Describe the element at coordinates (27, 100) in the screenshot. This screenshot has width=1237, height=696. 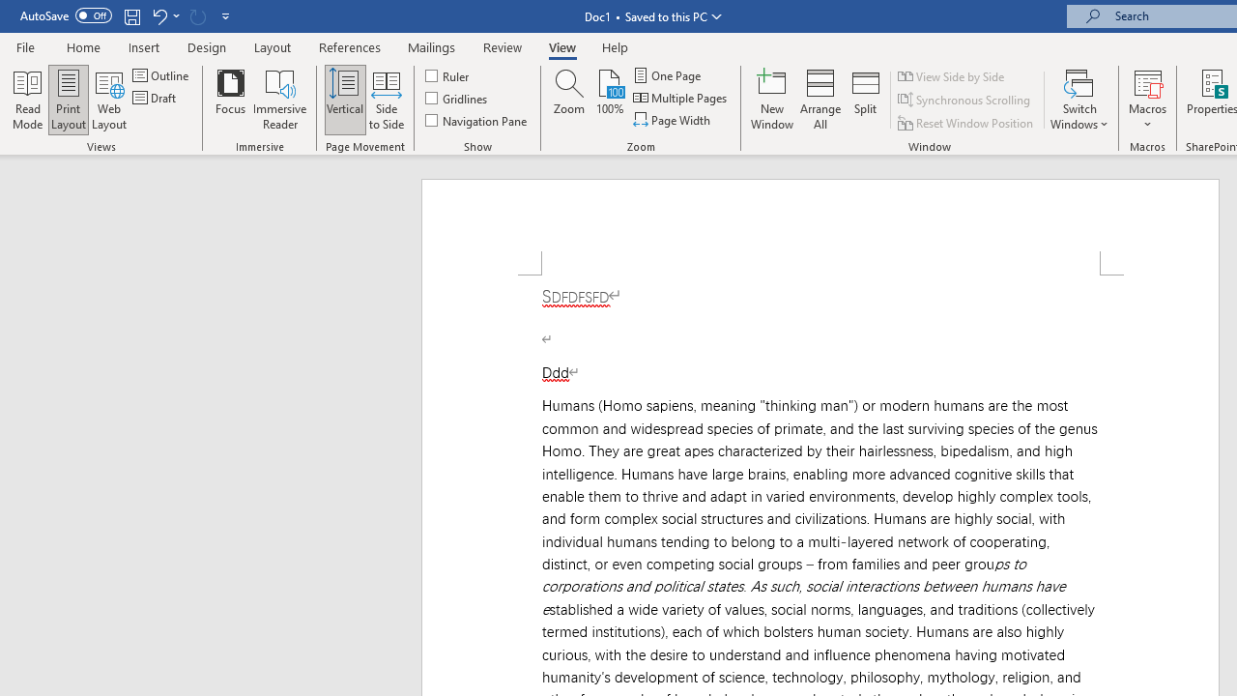
I see `'Read Mode'` at that location.